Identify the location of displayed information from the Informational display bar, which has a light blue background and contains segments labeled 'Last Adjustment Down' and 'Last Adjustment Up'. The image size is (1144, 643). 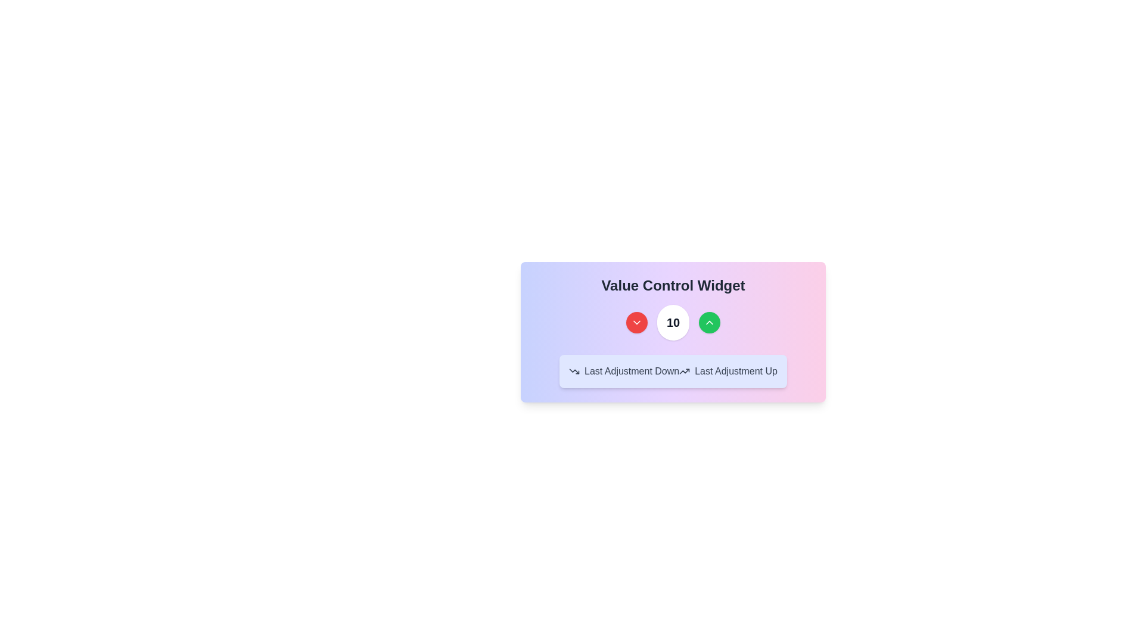
(673, 371).